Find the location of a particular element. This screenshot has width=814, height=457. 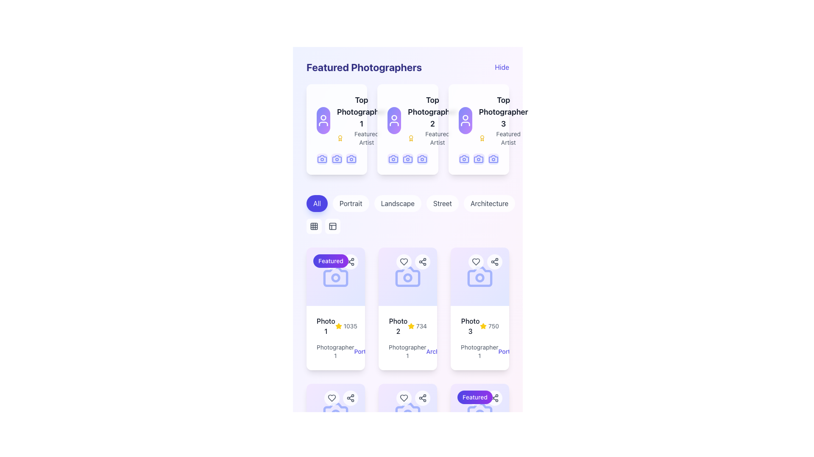

the avatar icon representing 'Top Photographer 3' is located at coordinates (465, 121).